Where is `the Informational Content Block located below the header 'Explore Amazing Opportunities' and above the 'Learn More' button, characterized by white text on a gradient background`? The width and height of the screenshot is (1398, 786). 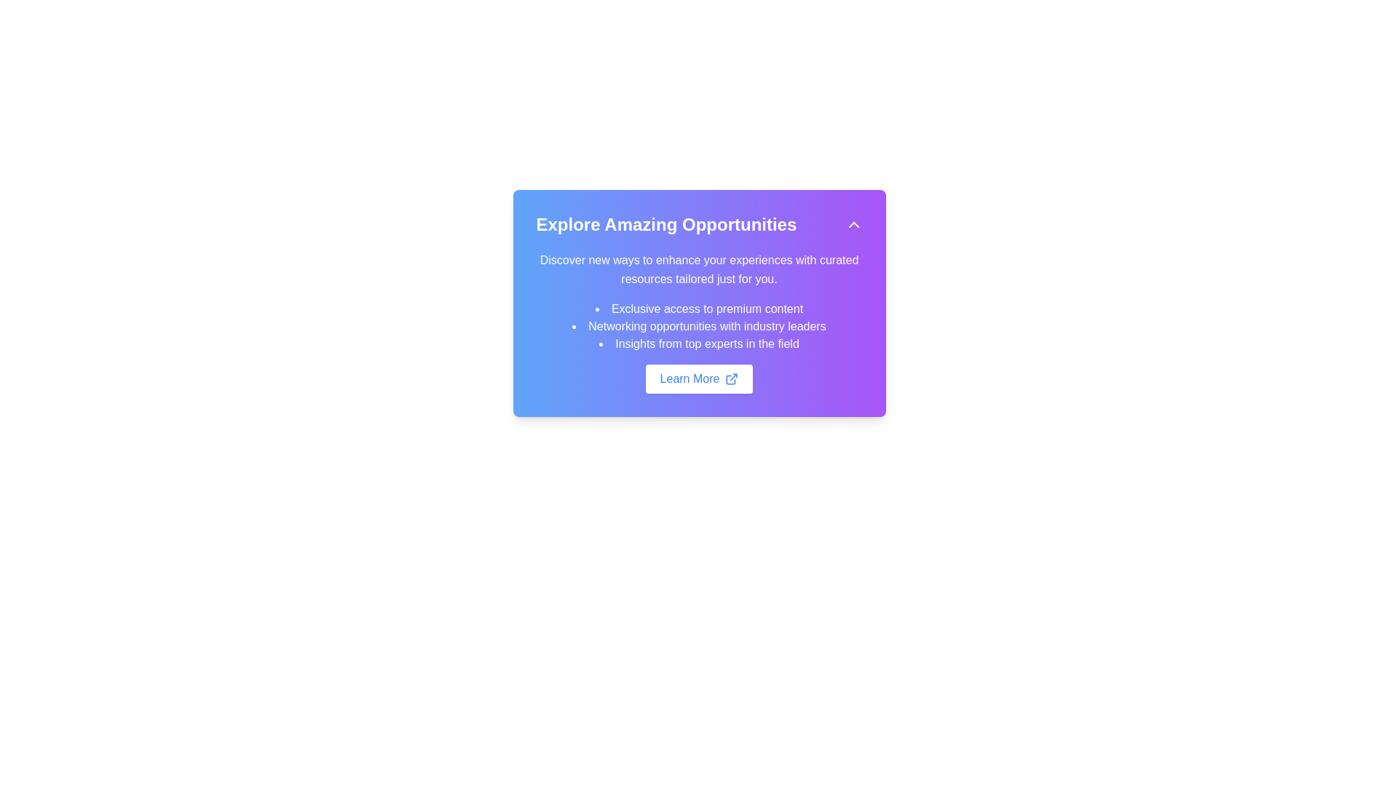
the Informational Content Block located below the header 'Explore Amazing Opportunities' and above the 'Learn More' button, characterized by white text on a gradient background is located at coordinates (699, 322).